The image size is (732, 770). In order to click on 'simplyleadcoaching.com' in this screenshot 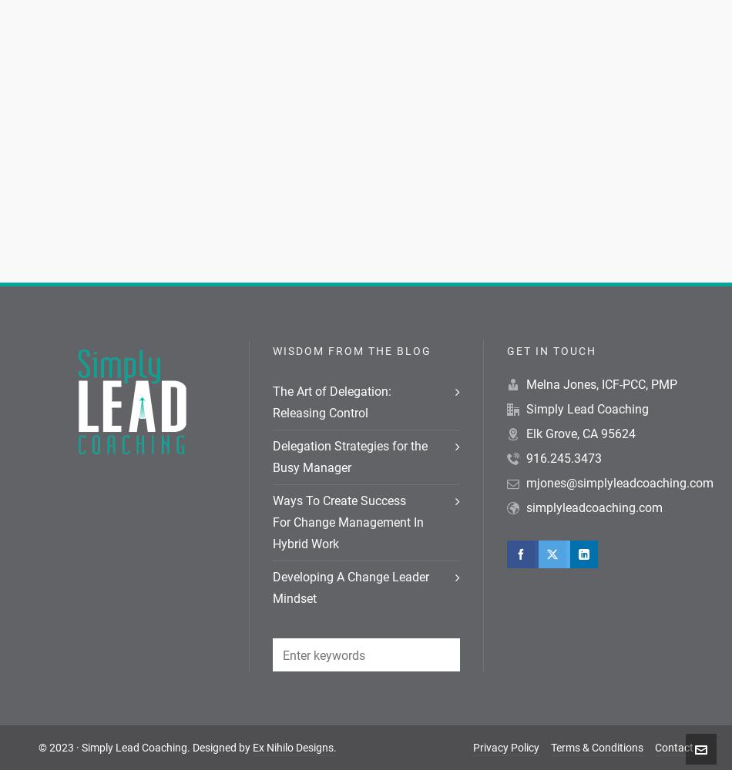, I will do `click(525, 507)`.